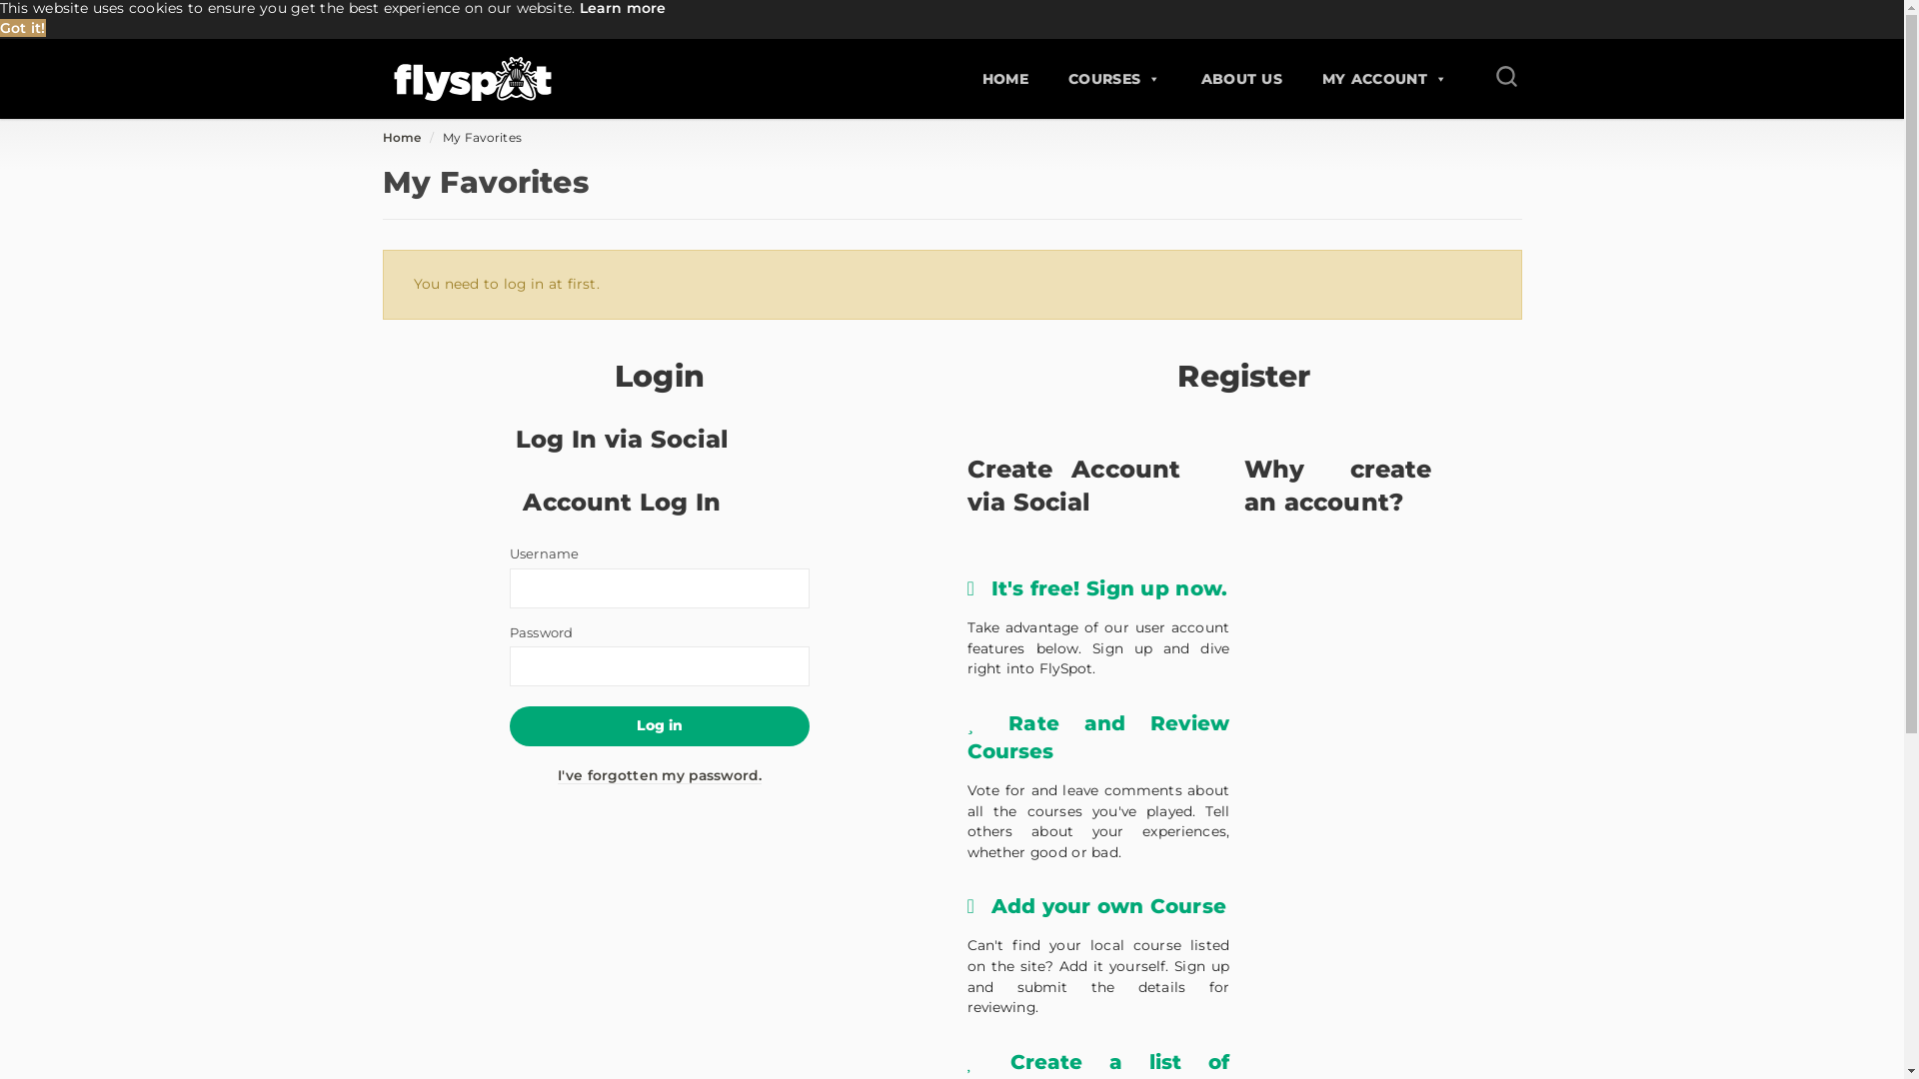 The width and height of the screenshot is (1919, 1079). Describe the element at coordinates (1383, 77) in the screenshot. I see `'MY ACCOUNT'` at that location.